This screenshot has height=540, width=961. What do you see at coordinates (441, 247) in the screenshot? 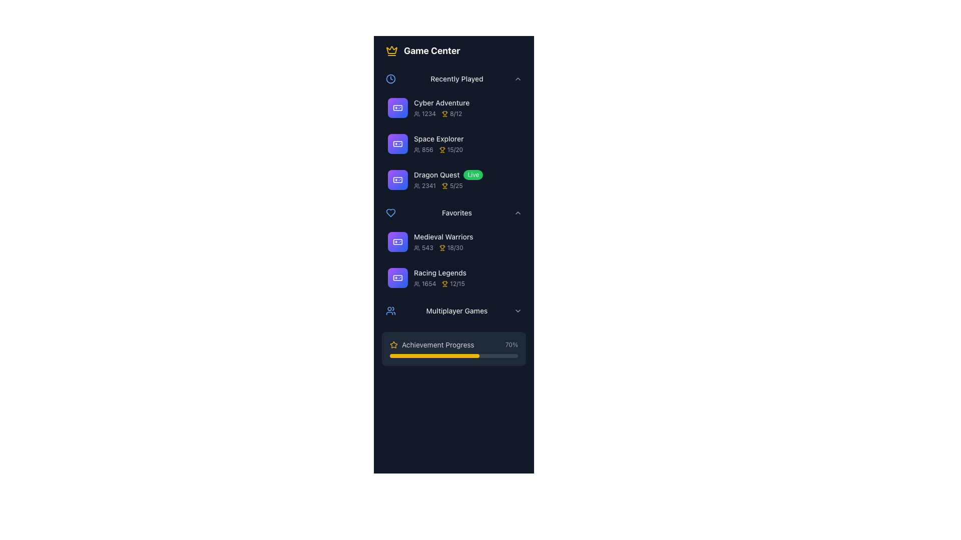
I see `the trophy icon, which is a bright yellow 24x24 SVG graphic located to the left of the '18/30' text in the 'Medieval Warriors' game entry under 'Favorites'` at bounding box center [441, 247].